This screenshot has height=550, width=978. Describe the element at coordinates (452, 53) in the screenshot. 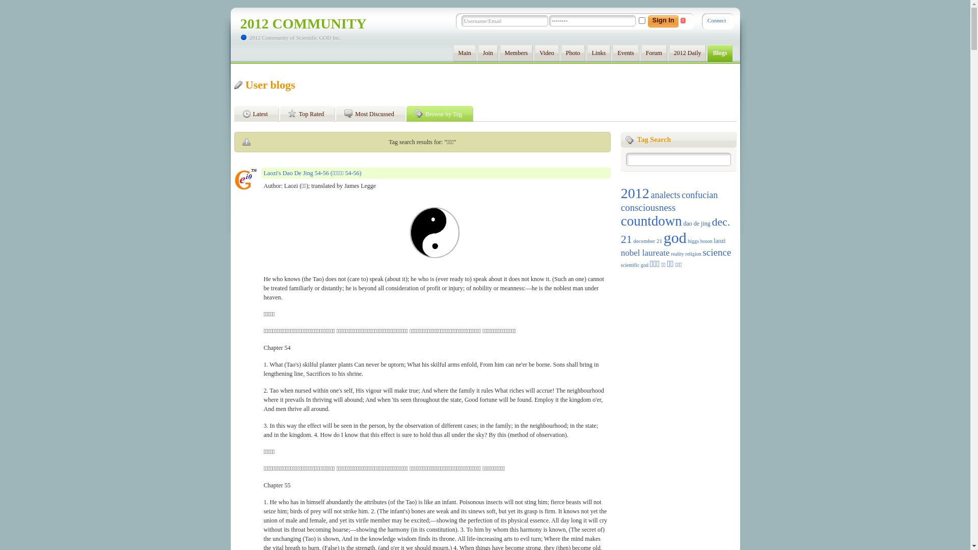

I see `'Main'` at that location.